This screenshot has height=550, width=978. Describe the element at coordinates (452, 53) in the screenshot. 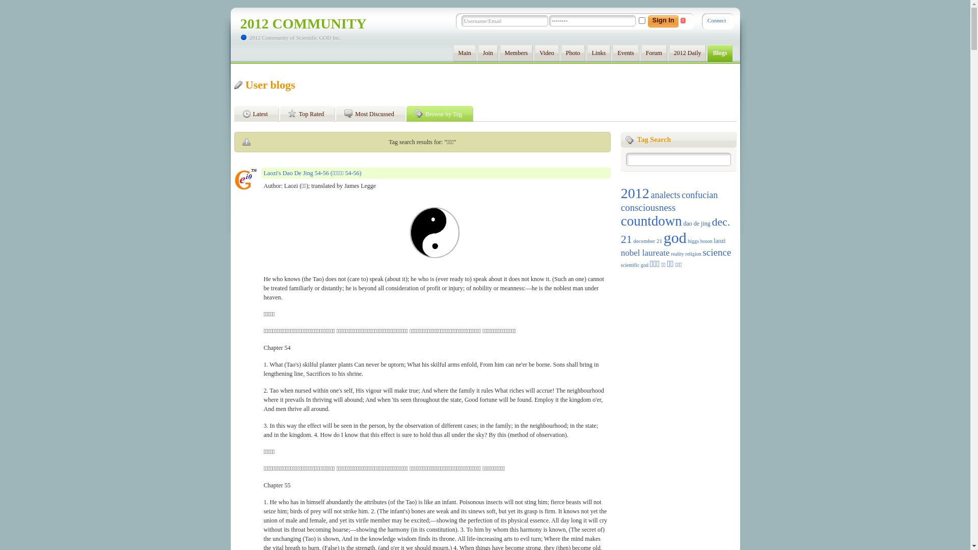

I see `'Main'` at that location.